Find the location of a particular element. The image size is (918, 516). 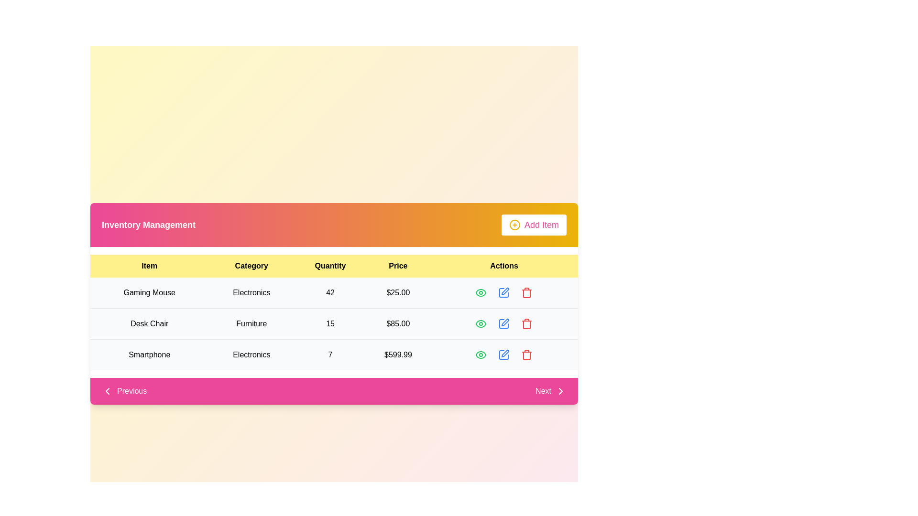

the viewing icon located in the 'Actions' column of the first row in the table is located at coordinates (481, 292).